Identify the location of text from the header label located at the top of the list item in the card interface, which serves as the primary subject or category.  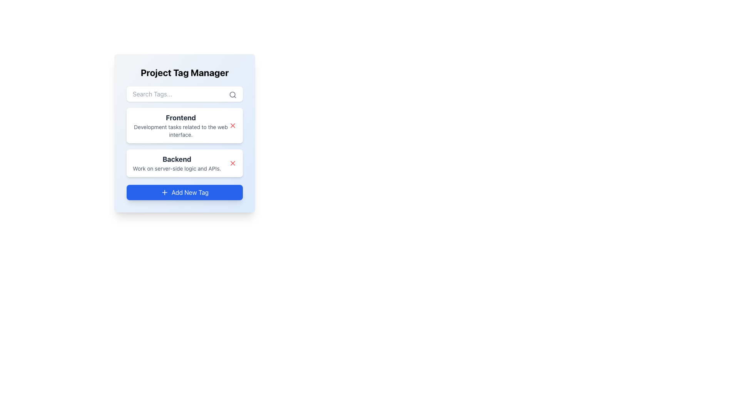
(181, 118).